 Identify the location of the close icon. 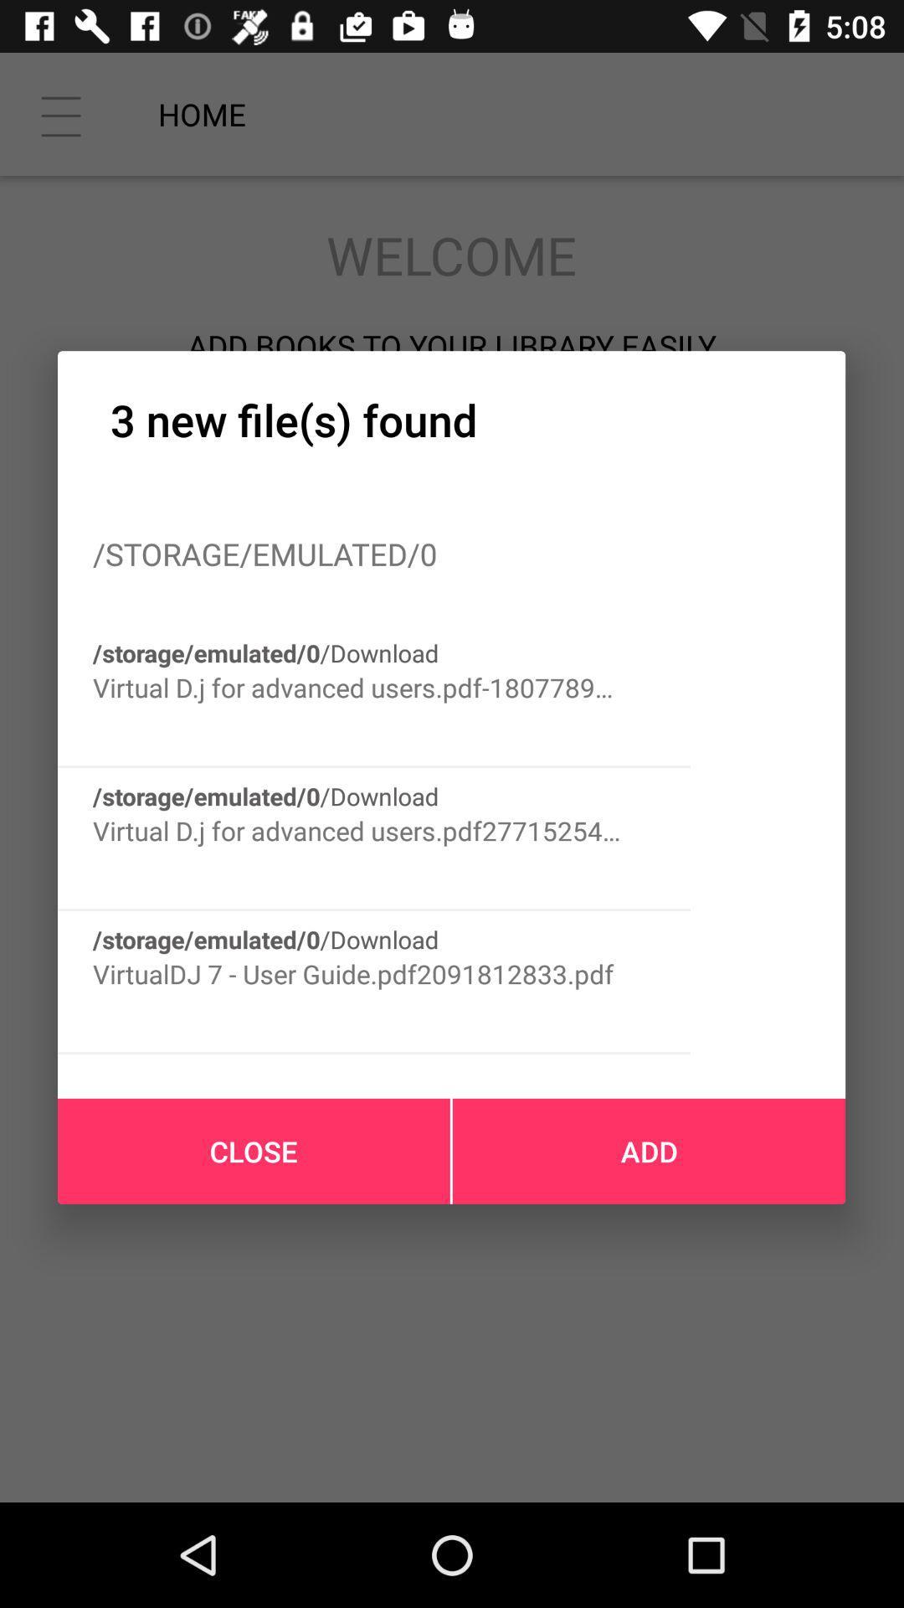
(254, 1150).